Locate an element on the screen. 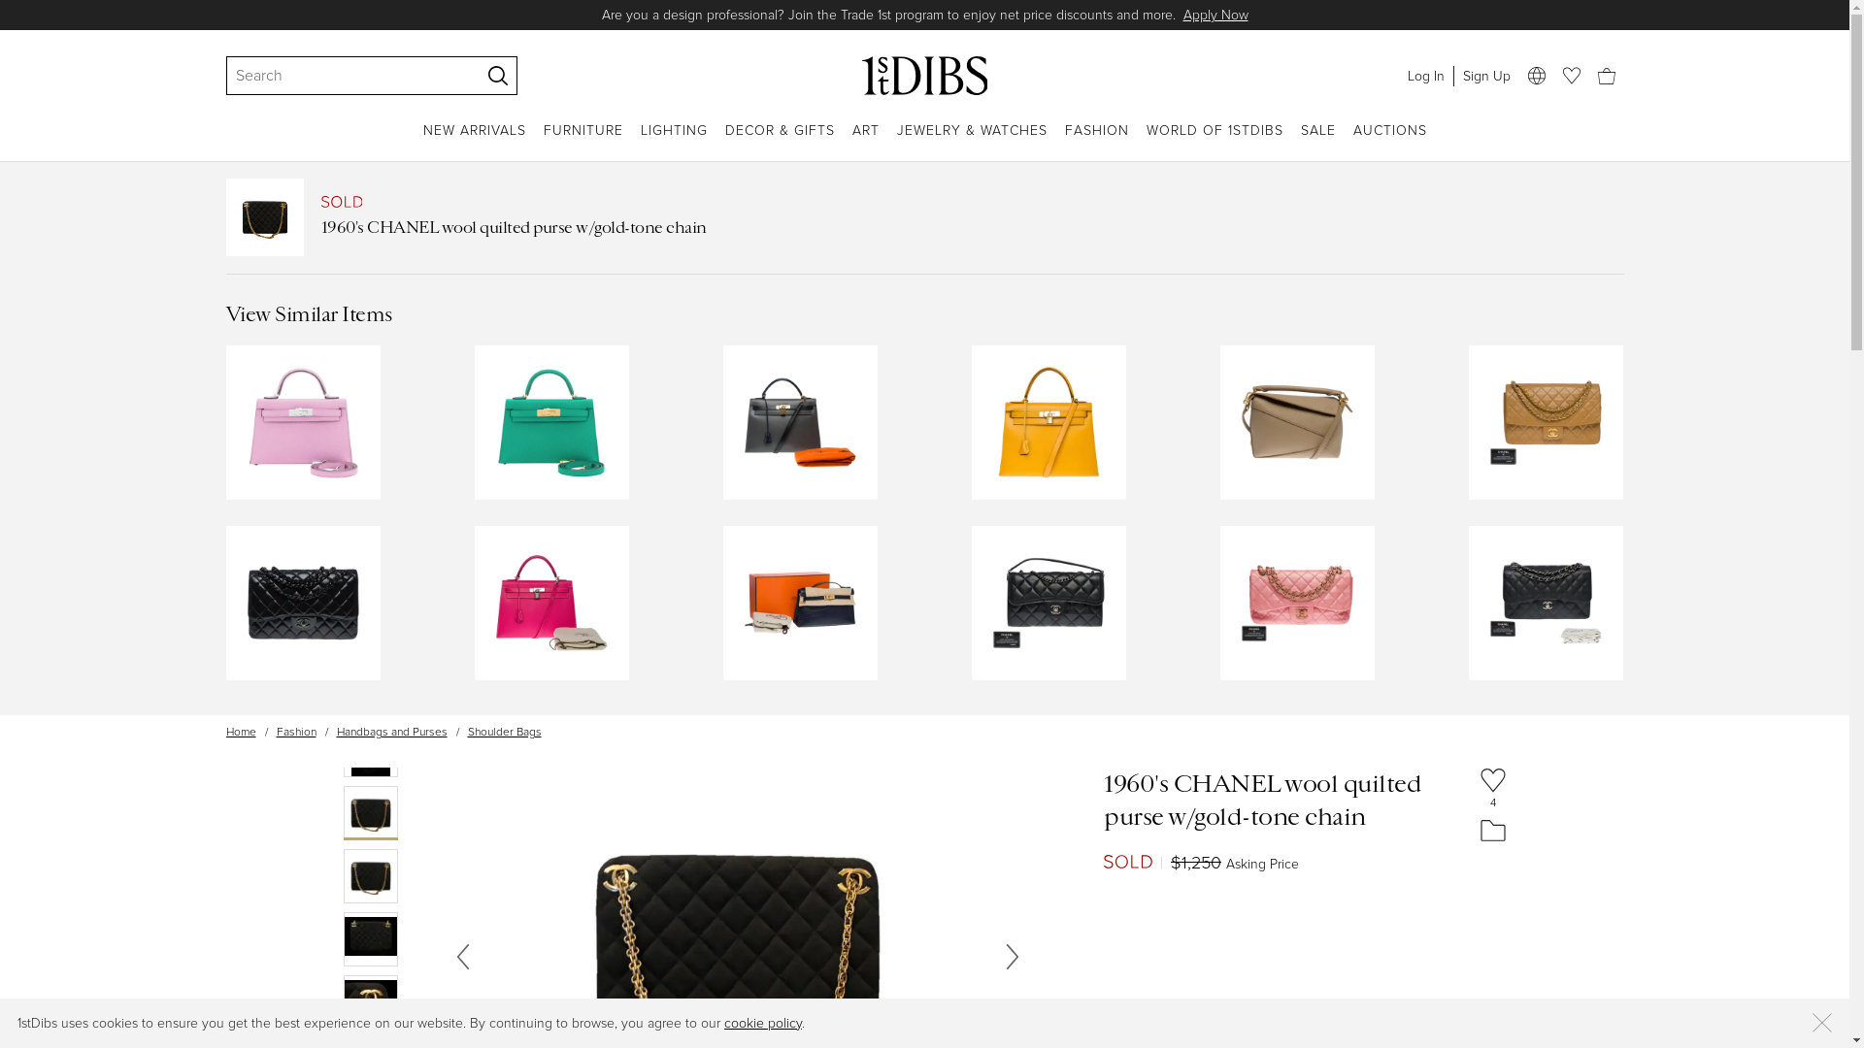 The width and height of the screenshot is (1864, 1048). 'Home' is located at coordinates (239, 732).